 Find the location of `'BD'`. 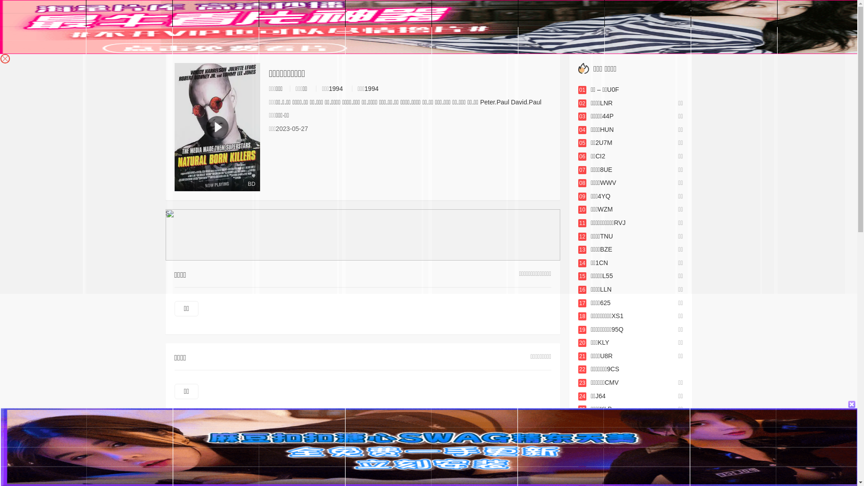

'BD' is located at coordinates (217, 127).